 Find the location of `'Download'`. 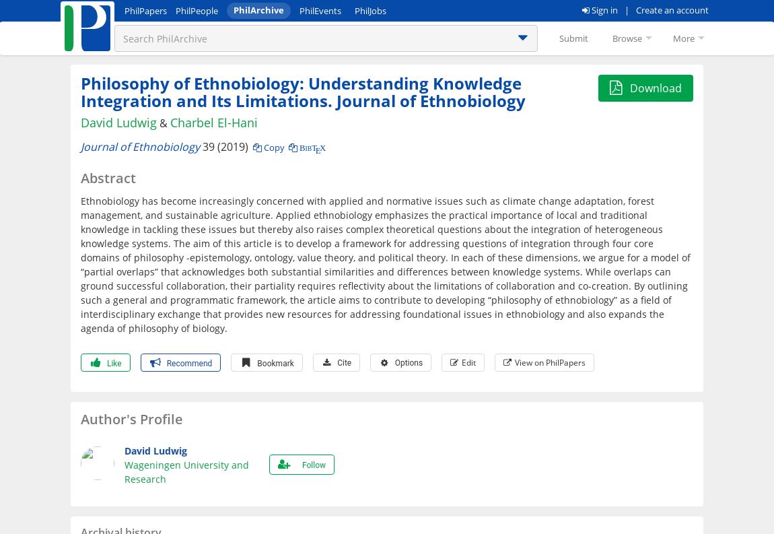

'Download' is located at coordinates (656, 88).